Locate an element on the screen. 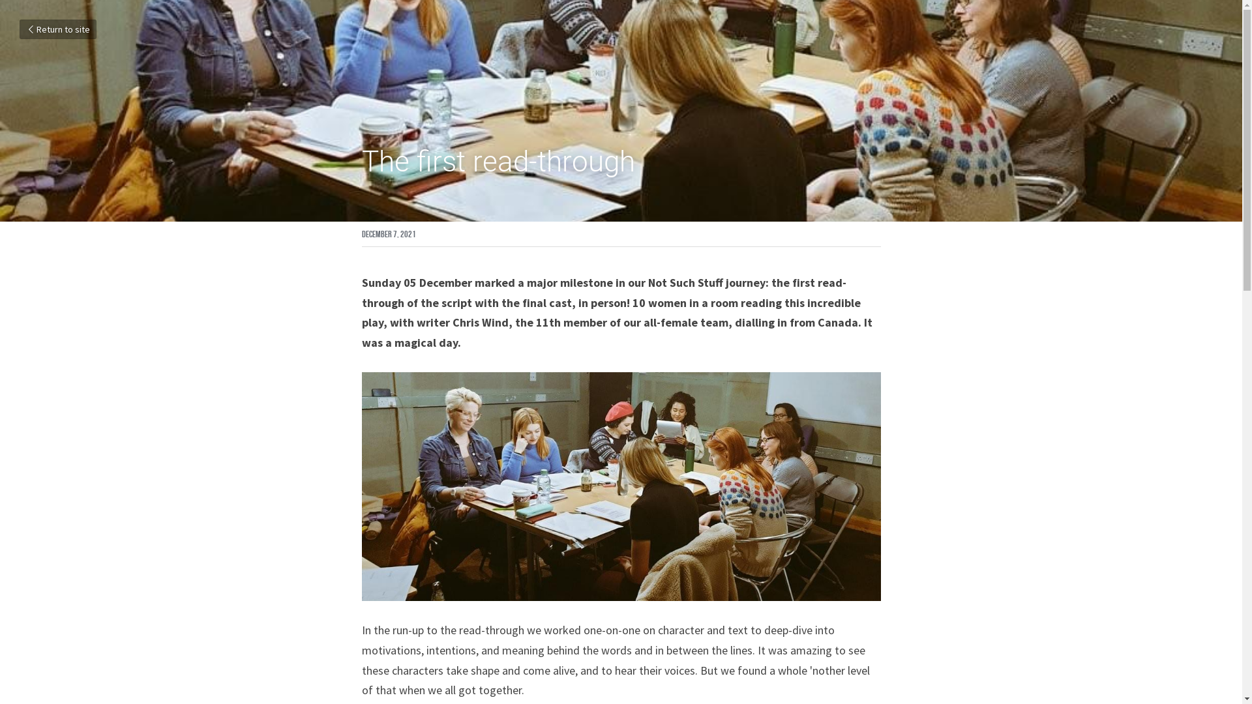 This screenshot has width=1252, height=704. 'Return to site' is located at coordinates (57, 29).